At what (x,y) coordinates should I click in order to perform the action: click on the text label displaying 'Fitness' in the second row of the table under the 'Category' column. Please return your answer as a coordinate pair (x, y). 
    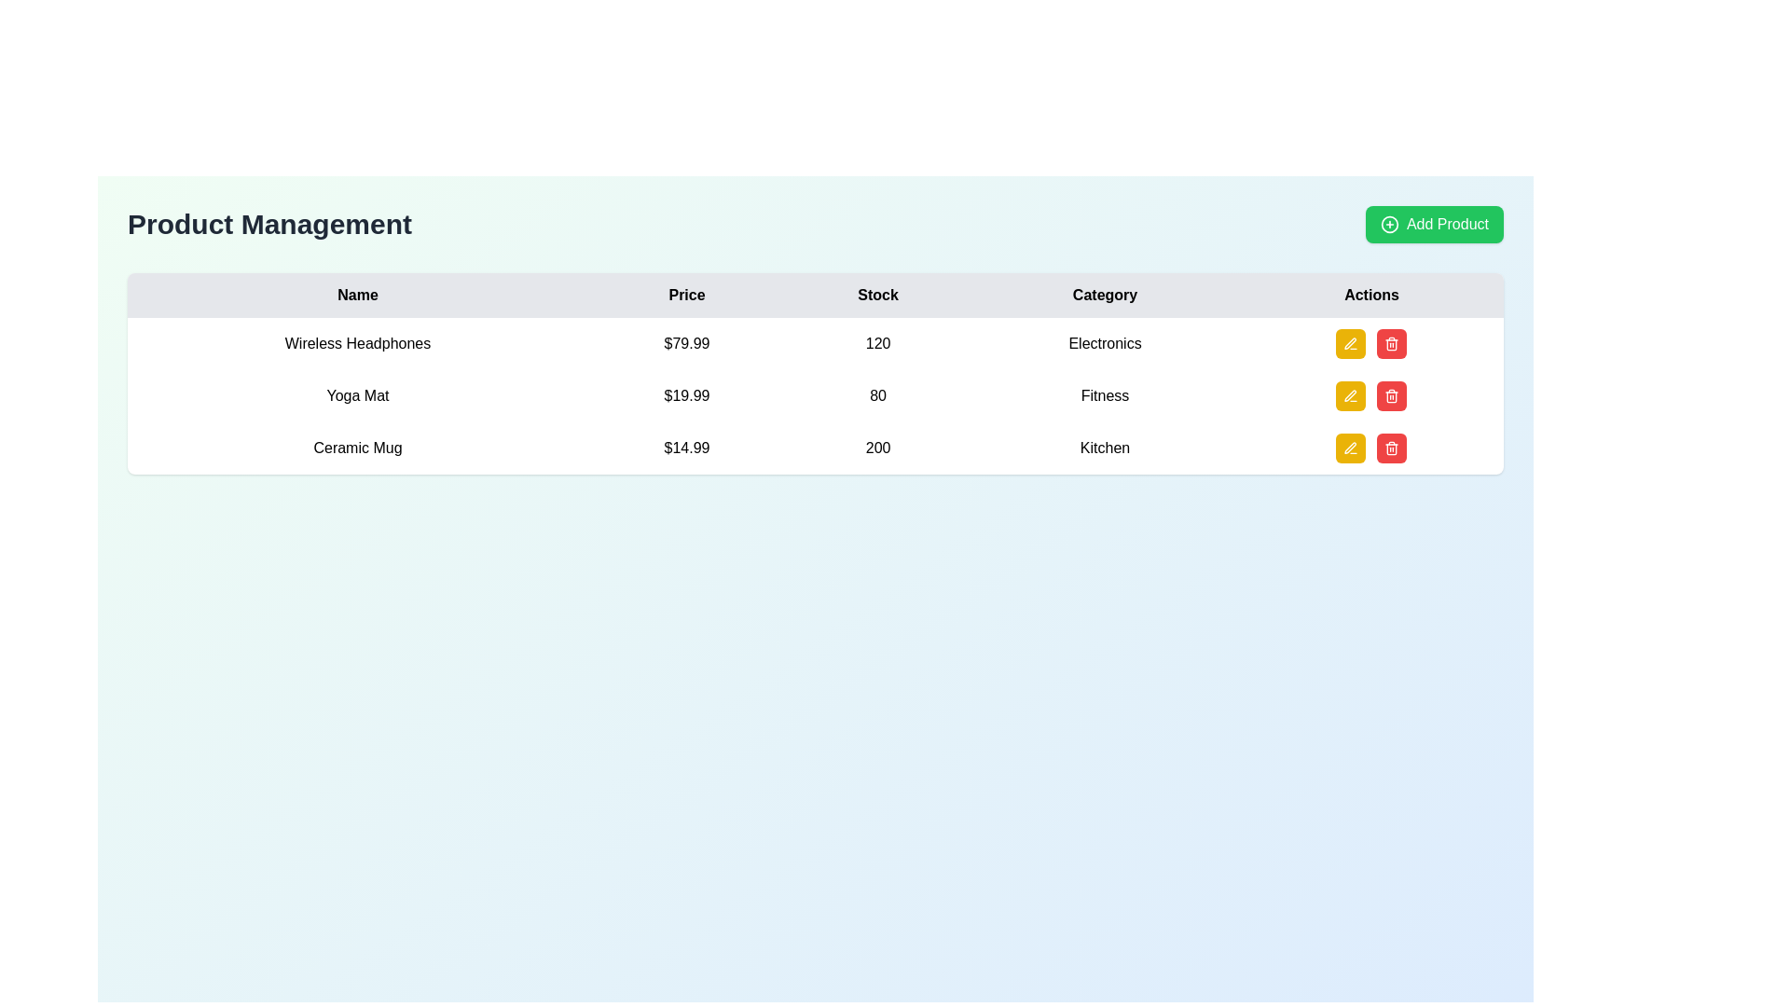
    Looking at the image, I should click on (1105, 394).